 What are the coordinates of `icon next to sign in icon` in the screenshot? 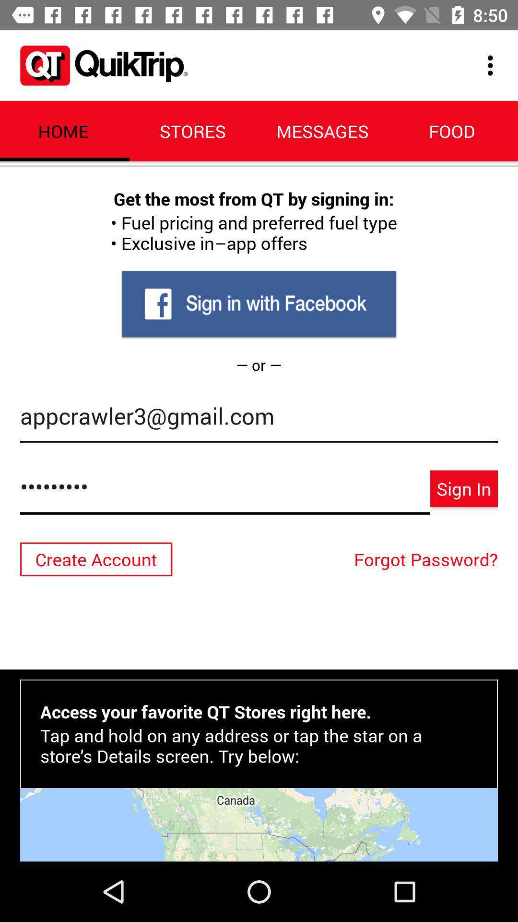 It's located at (225, 492).